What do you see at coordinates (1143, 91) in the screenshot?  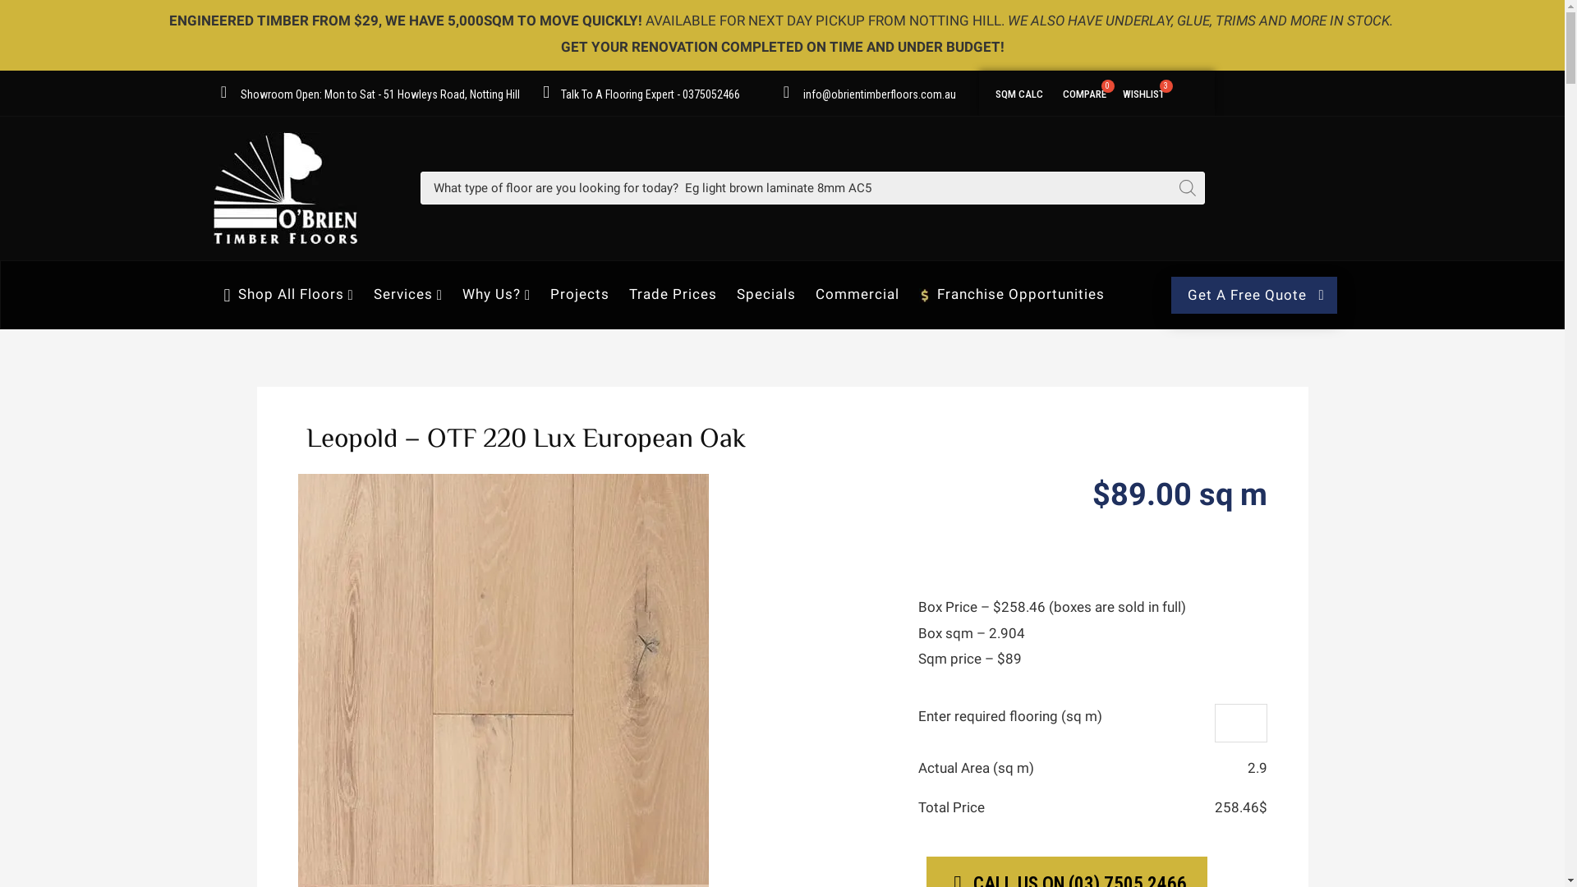 I see `'WISHLIST'` at bounding box center [1143, 91].